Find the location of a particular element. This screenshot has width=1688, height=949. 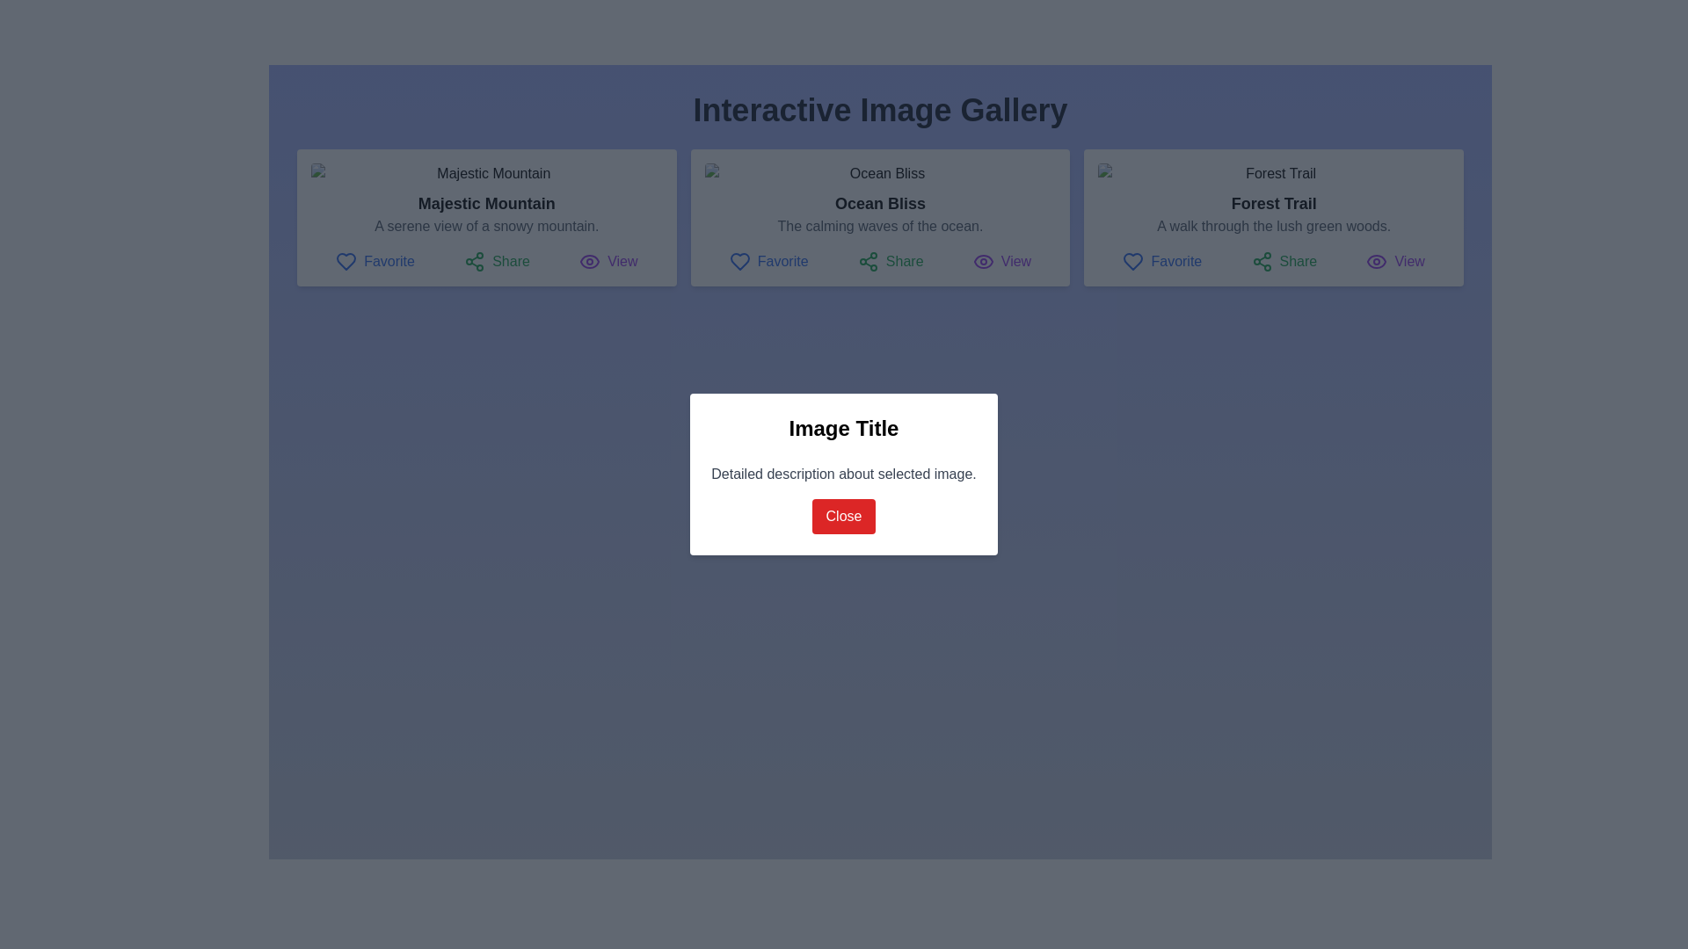

the 'Favorite' icon located in the horizontal row of interactive buttons under the 'Forest Trail' image card is located at coordinates (1133, 261).